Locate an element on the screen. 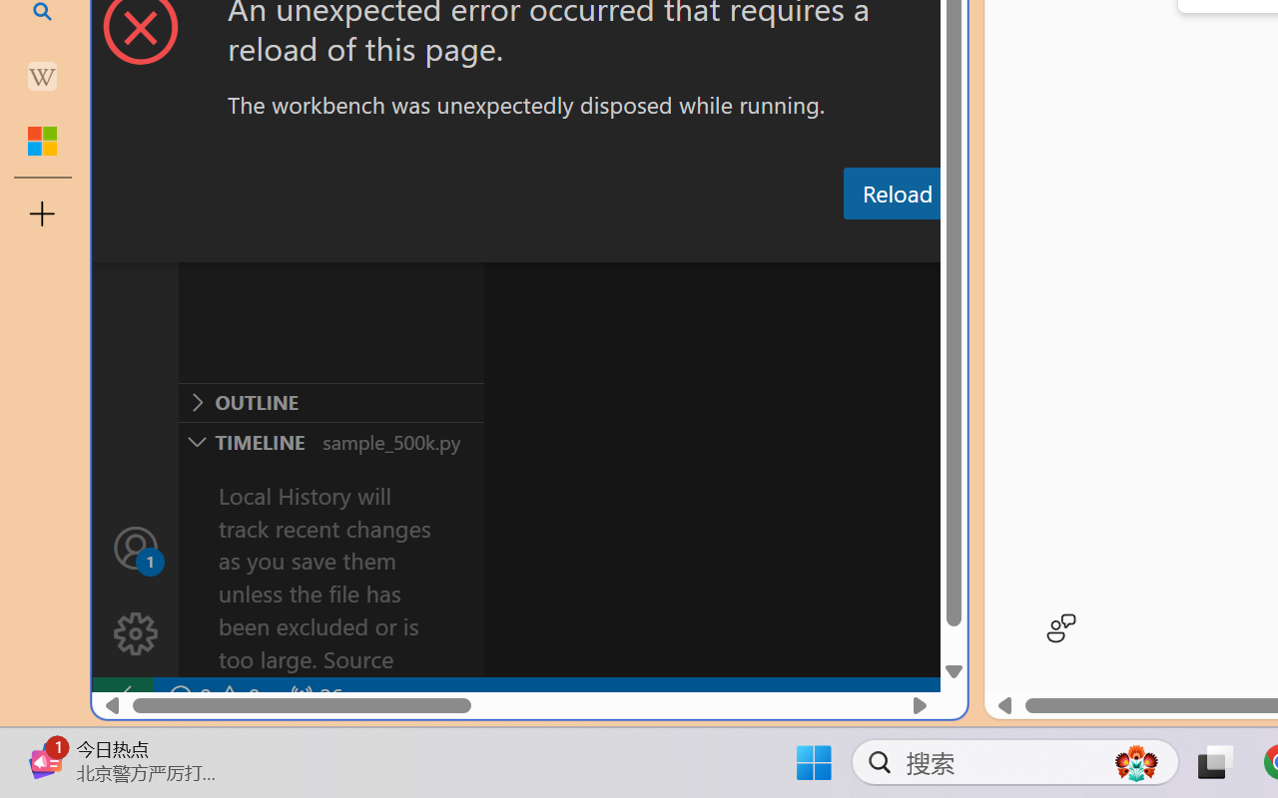 The height and width of the screenshot is (798, 1278). 'Timeline Section' is located at coordinates (330, 440).